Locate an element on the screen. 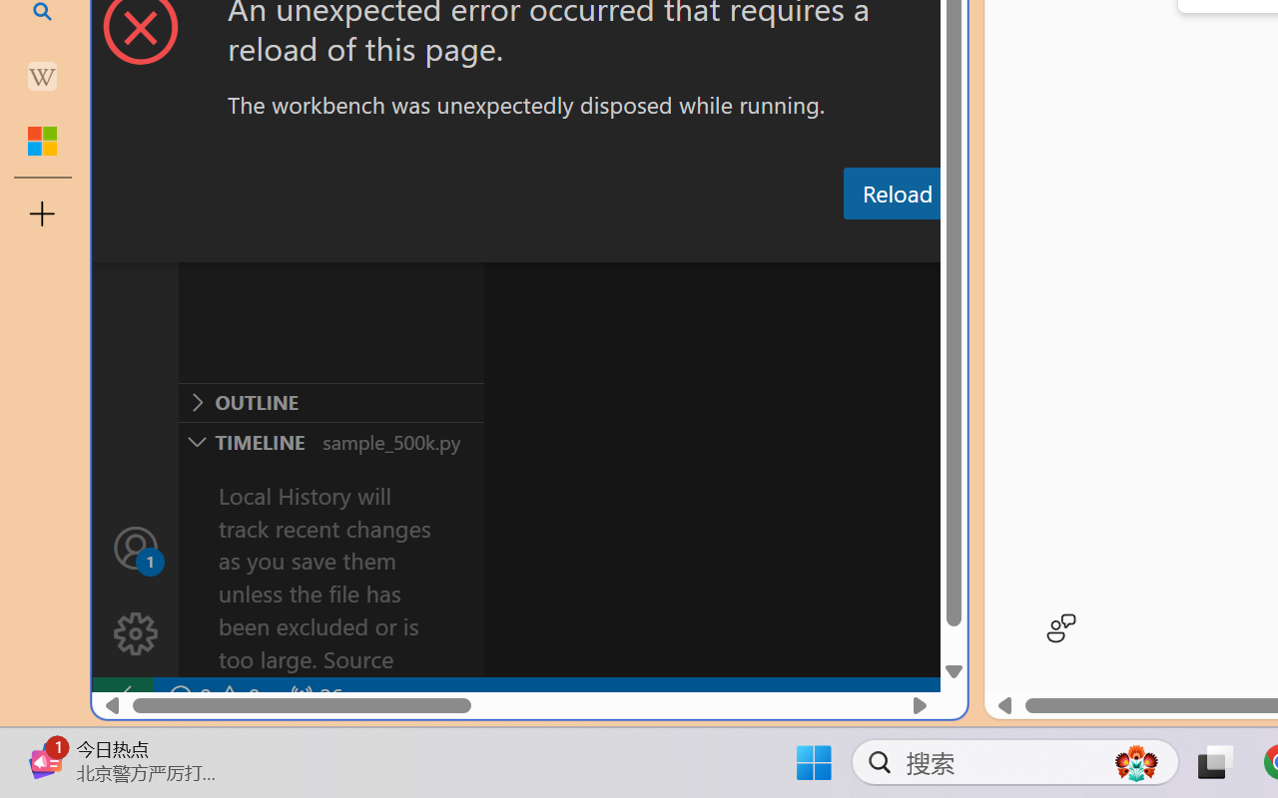 The height and width of the screenshot is (798, 1278). 'Timeline Section' is located at coordinates (330, 440).